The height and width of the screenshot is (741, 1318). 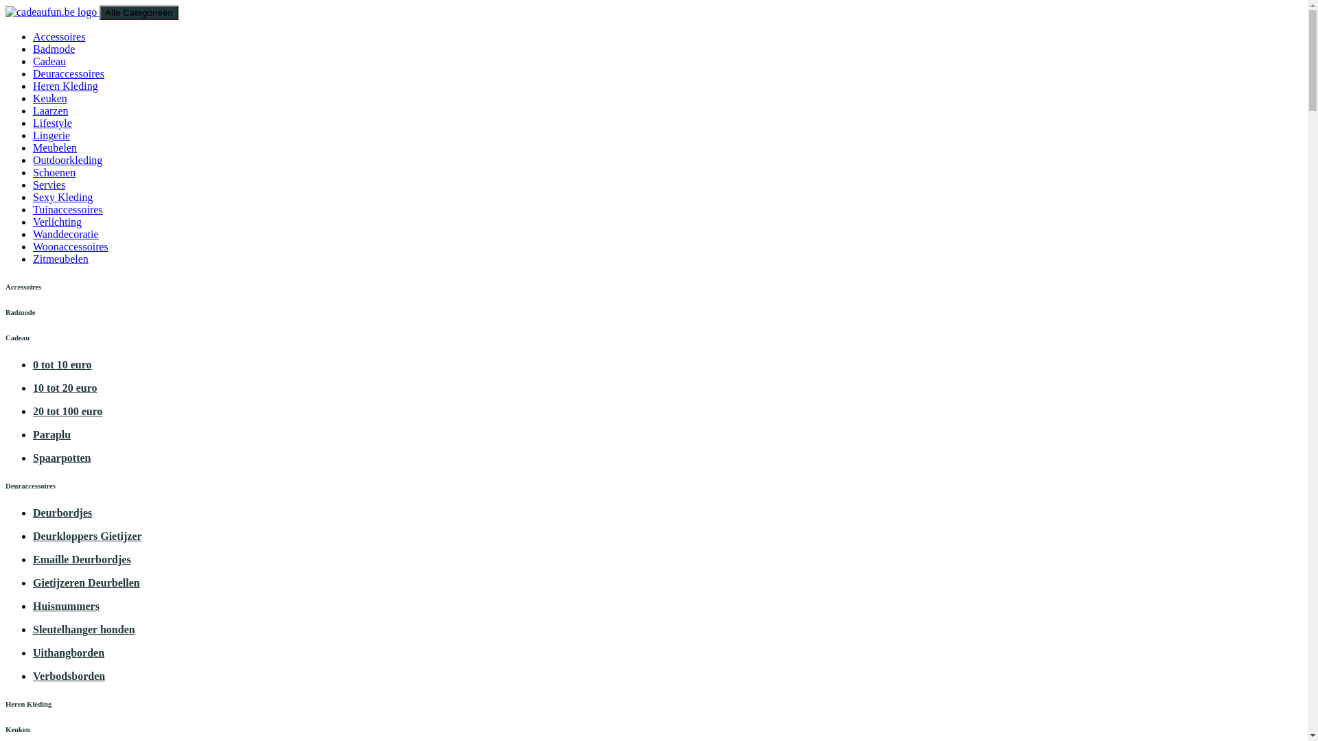 I want to click on 'Uithangborden', so click(x=68, y=652).